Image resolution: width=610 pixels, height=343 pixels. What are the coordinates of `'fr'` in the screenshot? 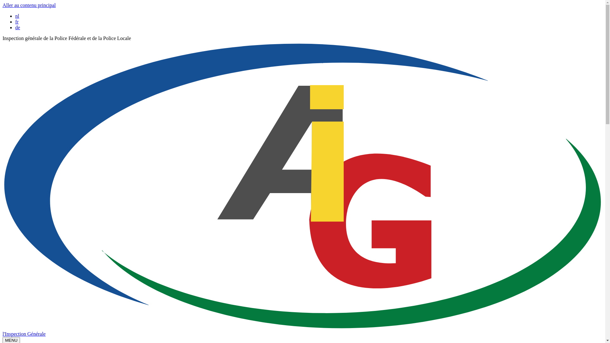 It's located at (17, 21).